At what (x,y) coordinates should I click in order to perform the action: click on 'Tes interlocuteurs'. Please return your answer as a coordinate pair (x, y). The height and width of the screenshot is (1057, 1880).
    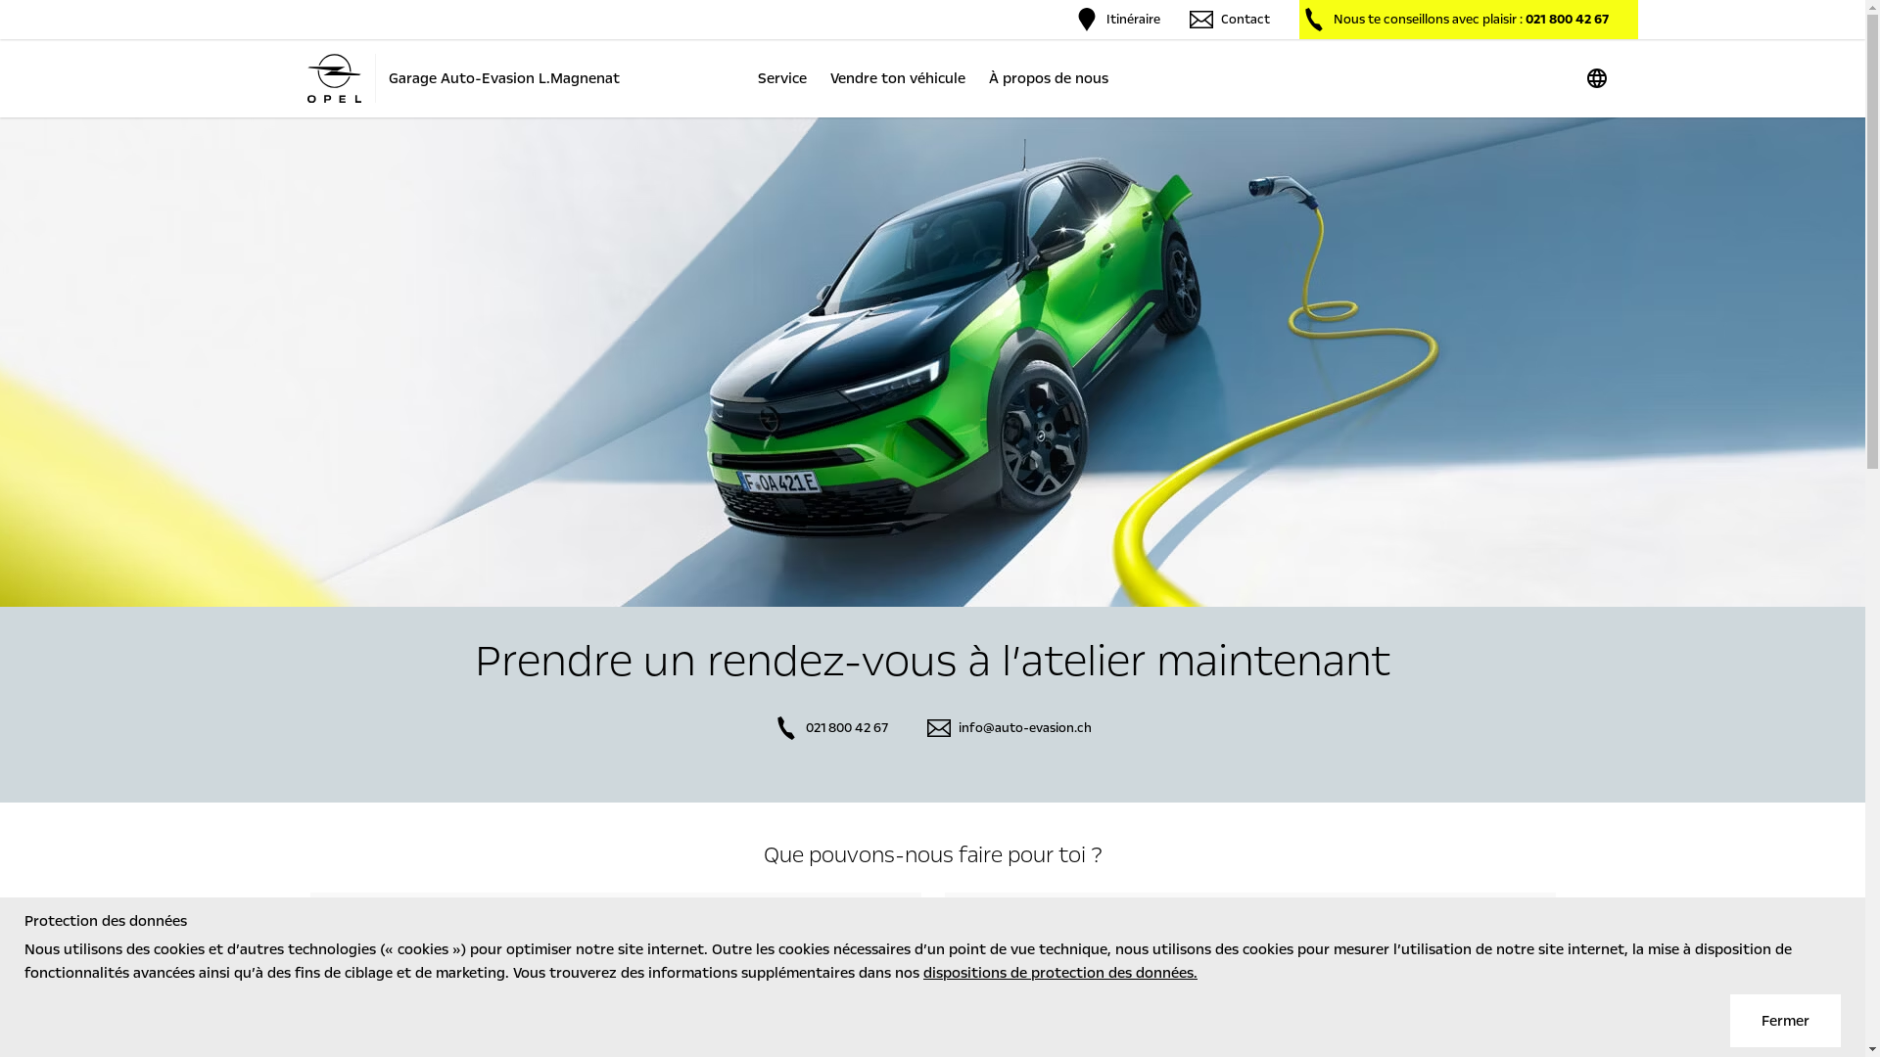
    Looking at the image, I should click on (944, 936).